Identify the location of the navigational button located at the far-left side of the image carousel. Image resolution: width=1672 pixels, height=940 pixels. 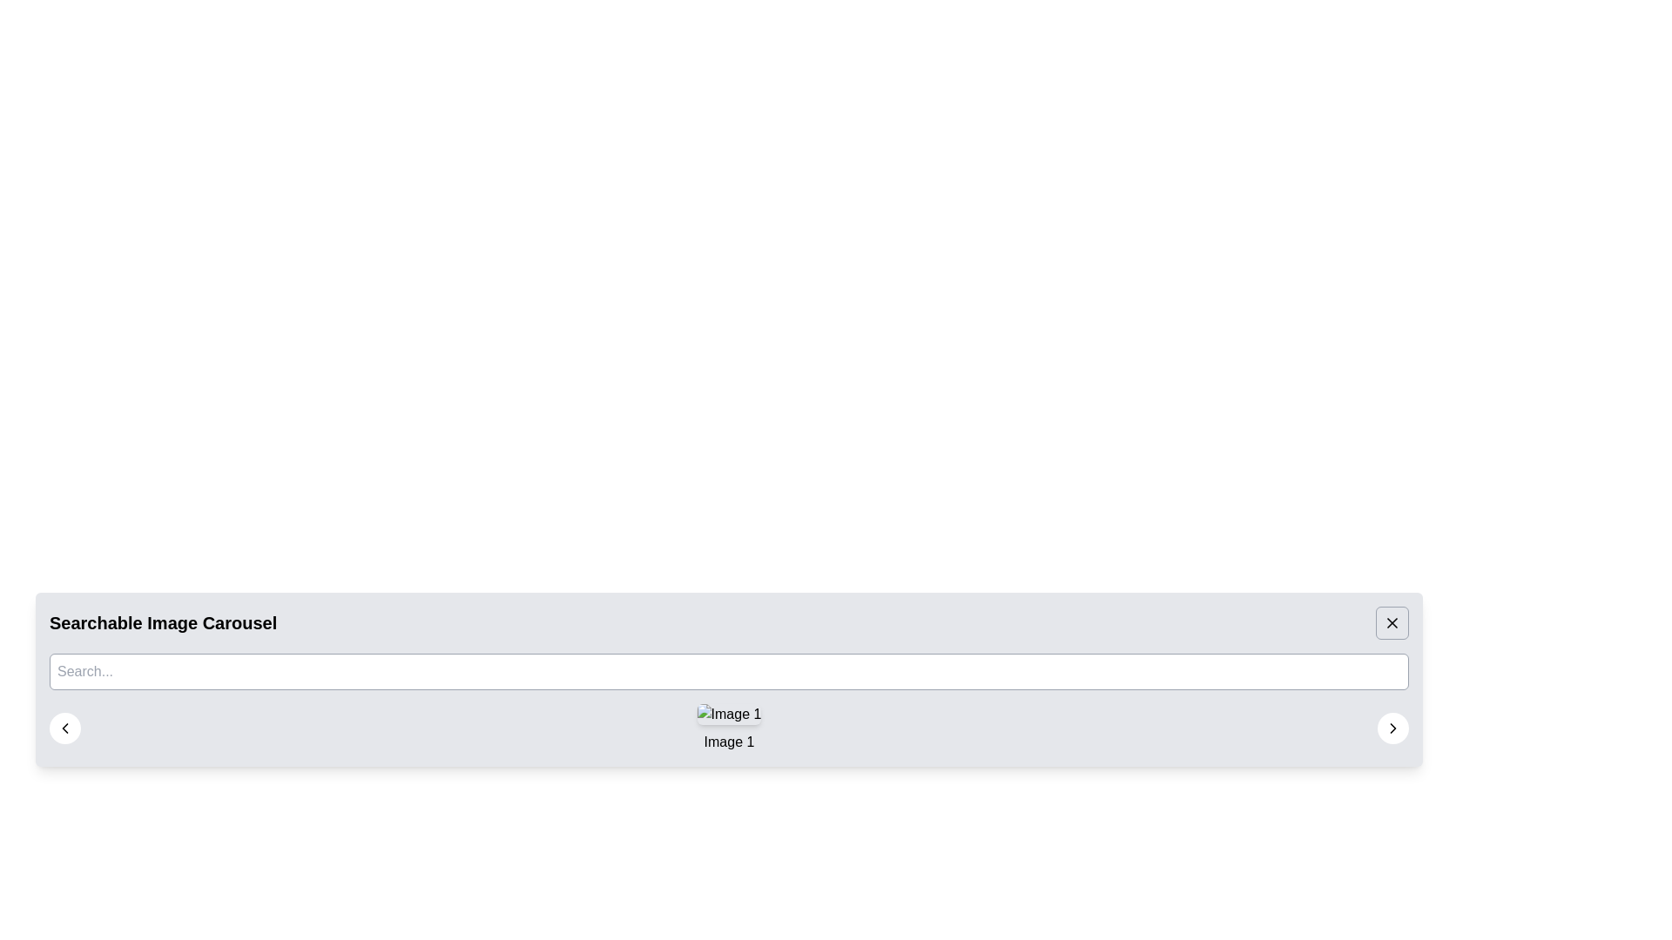
(65, 728).